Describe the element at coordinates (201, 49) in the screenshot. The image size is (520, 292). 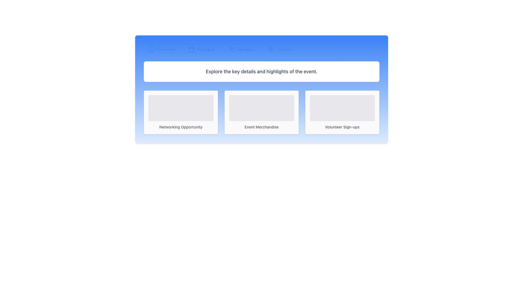
I see `the 'Schedule' button which is the second button from the left in the navigation bar for keyboard interaction` at that location.